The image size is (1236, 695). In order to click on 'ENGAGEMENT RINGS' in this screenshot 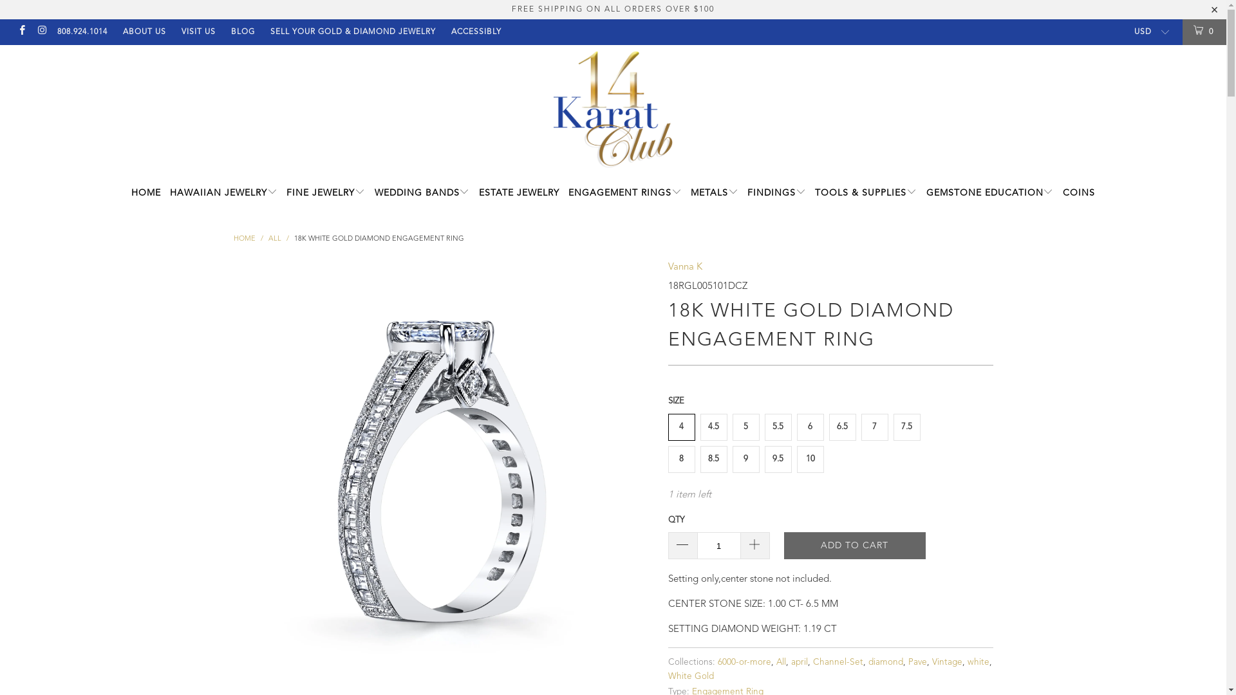, I will do `click(624, 193)`.